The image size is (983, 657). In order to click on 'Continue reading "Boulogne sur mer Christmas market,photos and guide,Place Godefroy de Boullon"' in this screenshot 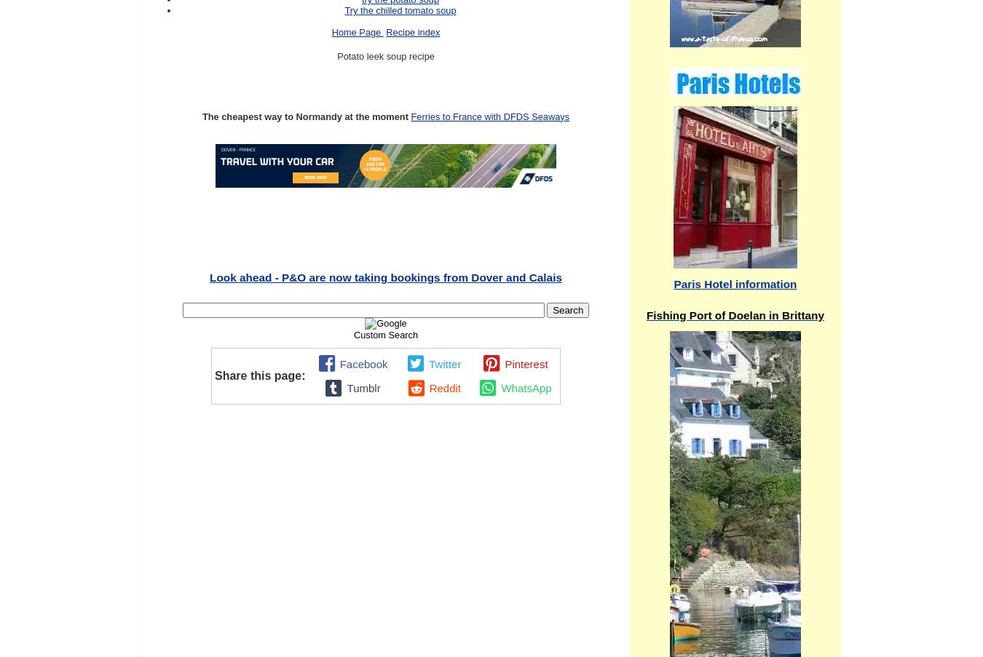, I will do `click(384, 634)`.